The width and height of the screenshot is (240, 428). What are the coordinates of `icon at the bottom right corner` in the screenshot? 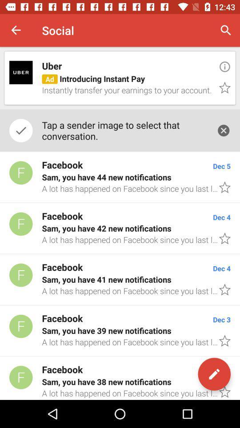 It's located at (214, 374).